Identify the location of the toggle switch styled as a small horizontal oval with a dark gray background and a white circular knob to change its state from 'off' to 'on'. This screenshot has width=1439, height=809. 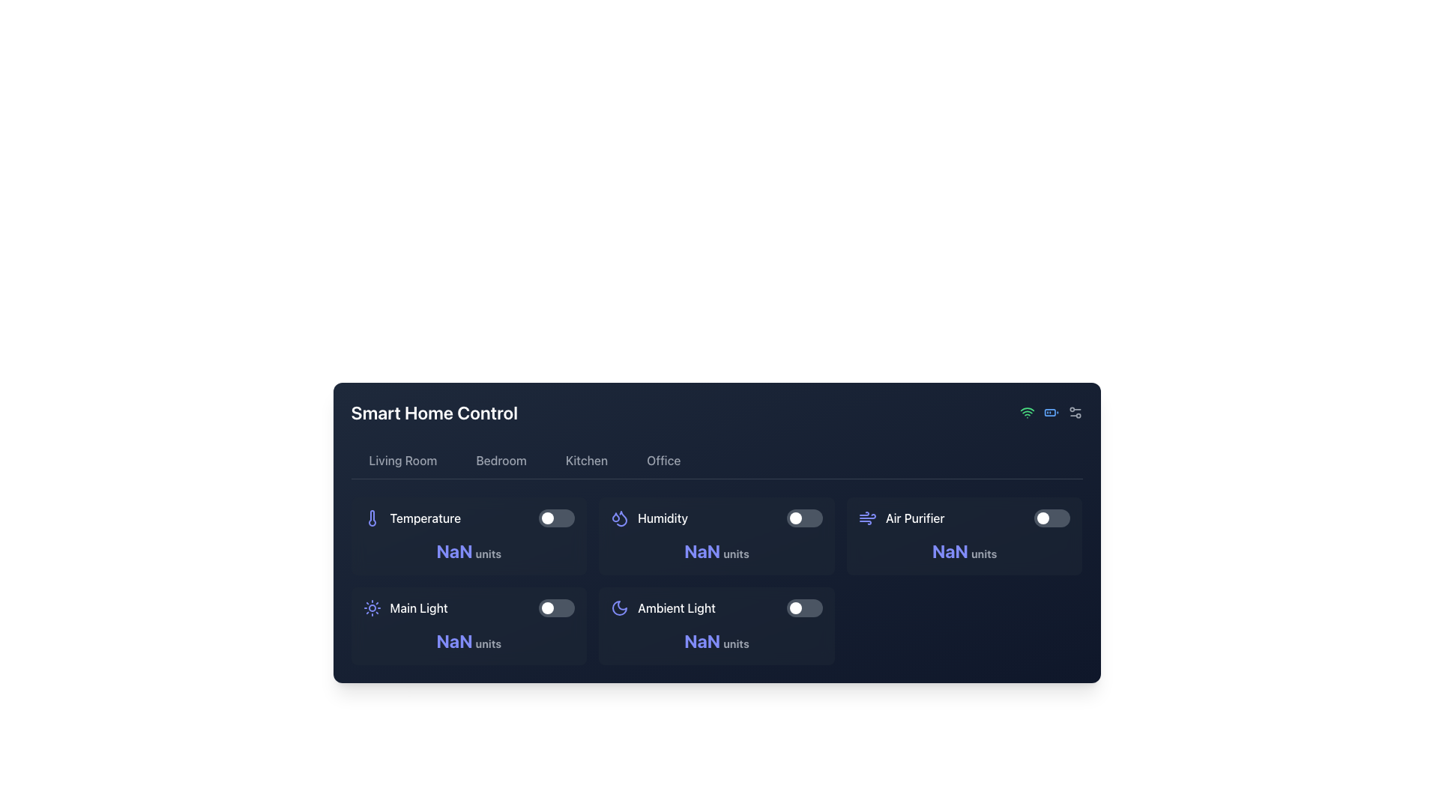
(803, 608).